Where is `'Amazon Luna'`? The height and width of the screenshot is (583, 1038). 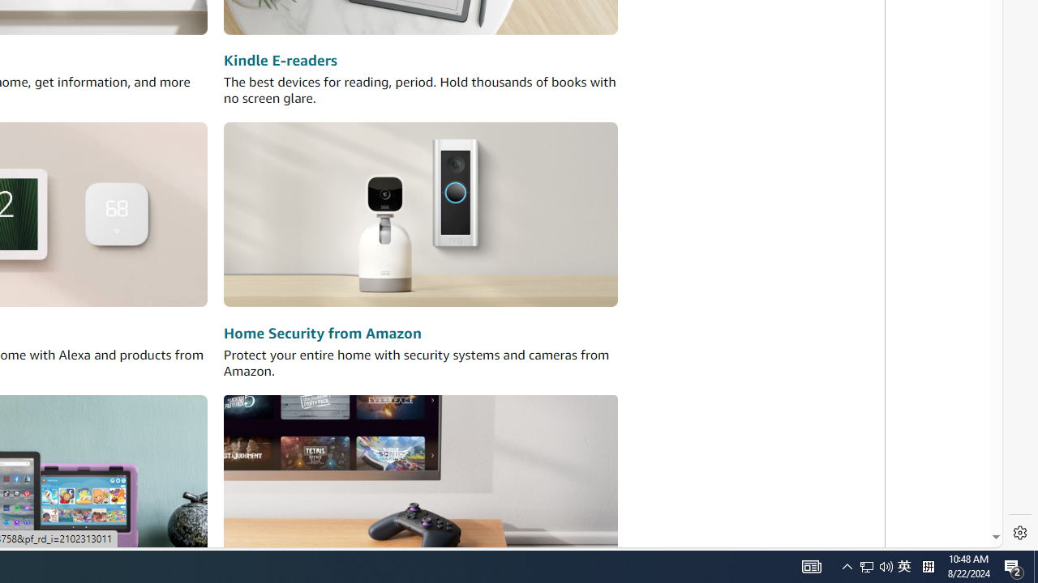
'Amazon Luna' is located at coordinates (421, 486).